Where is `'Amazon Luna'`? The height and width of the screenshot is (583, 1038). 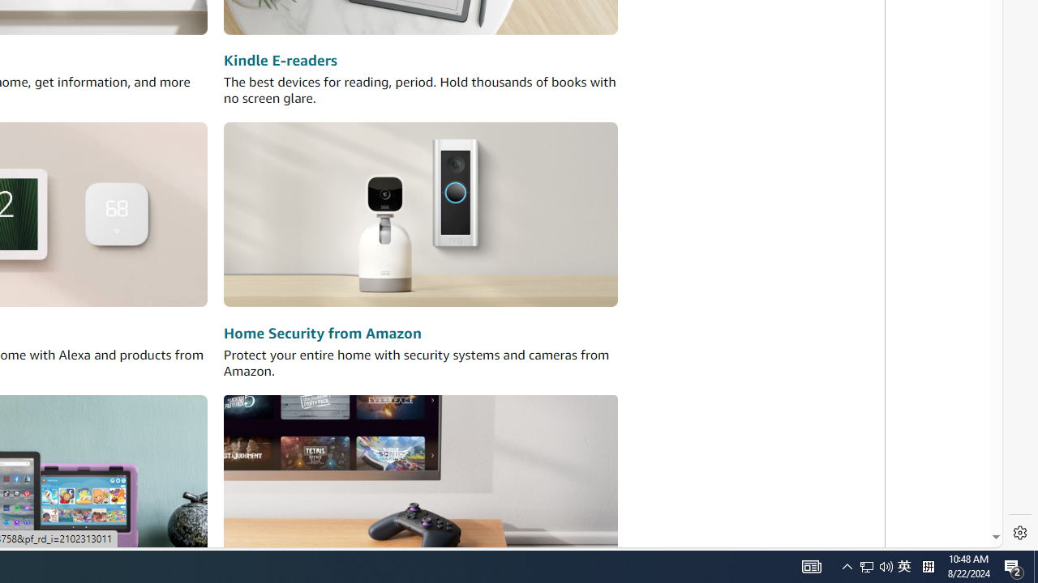
'Amazon Luna' is located at coordinates (421, 486).